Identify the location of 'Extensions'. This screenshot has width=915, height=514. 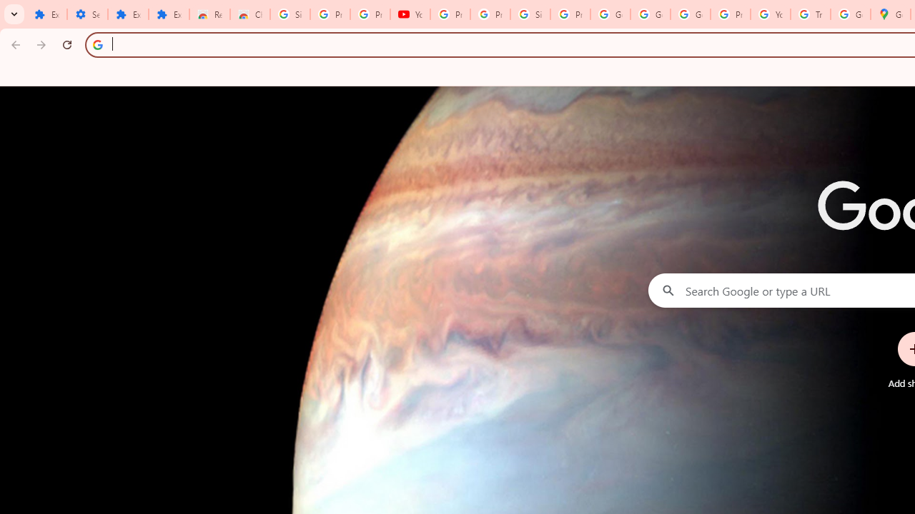
(128, 14).